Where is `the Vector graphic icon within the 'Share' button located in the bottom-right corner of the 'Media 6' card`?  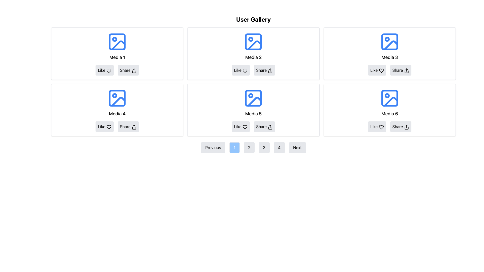 the Vector graphic icon within the 'Share' button located in the bottom-right corner of the 'Media 6' card is located at coordinates (406, 127).